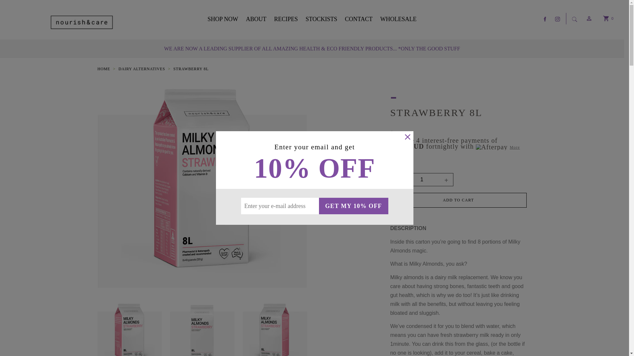 The height and width of the screenshot is (356, 634). What do you see at coordinates (360, 19) in the screenshot?
I see `'CONTACT'` at bounding box center [360, 19].